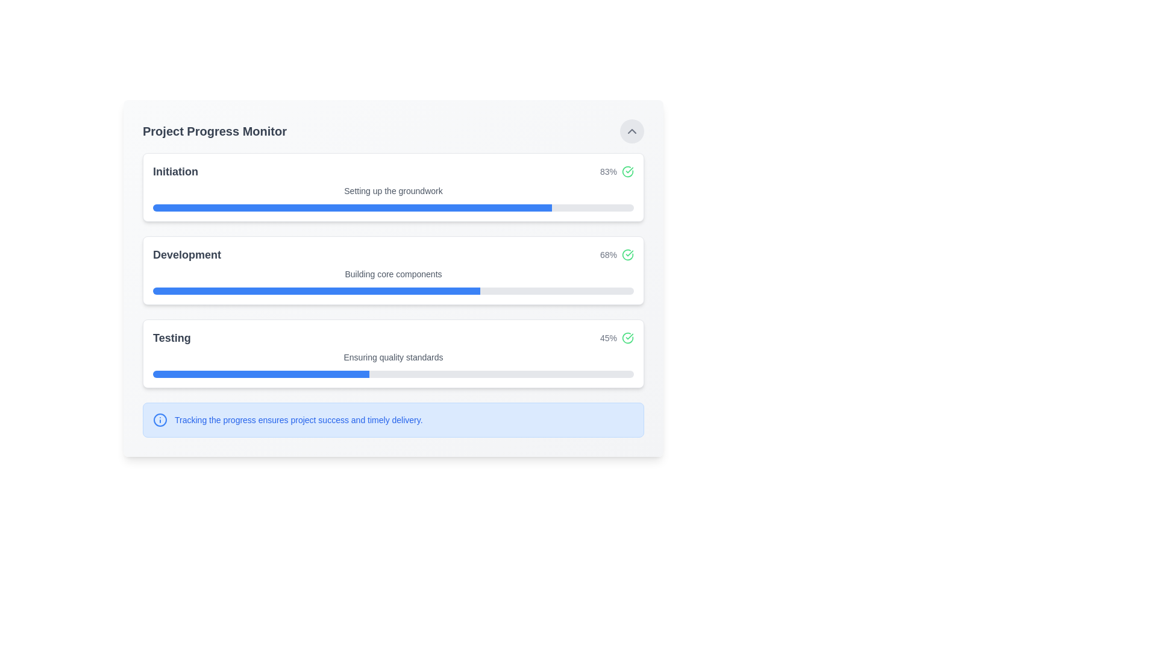  What do you see at coordinates (393, 207) in the screenshot?
I see `the completion percentage of the progress bar located in the 'Initiation' section of the 'Project Progress Monitor' interface, specifically the one beneath the text 'Setting up the groundwork.'` at bounding box center [393, 207].